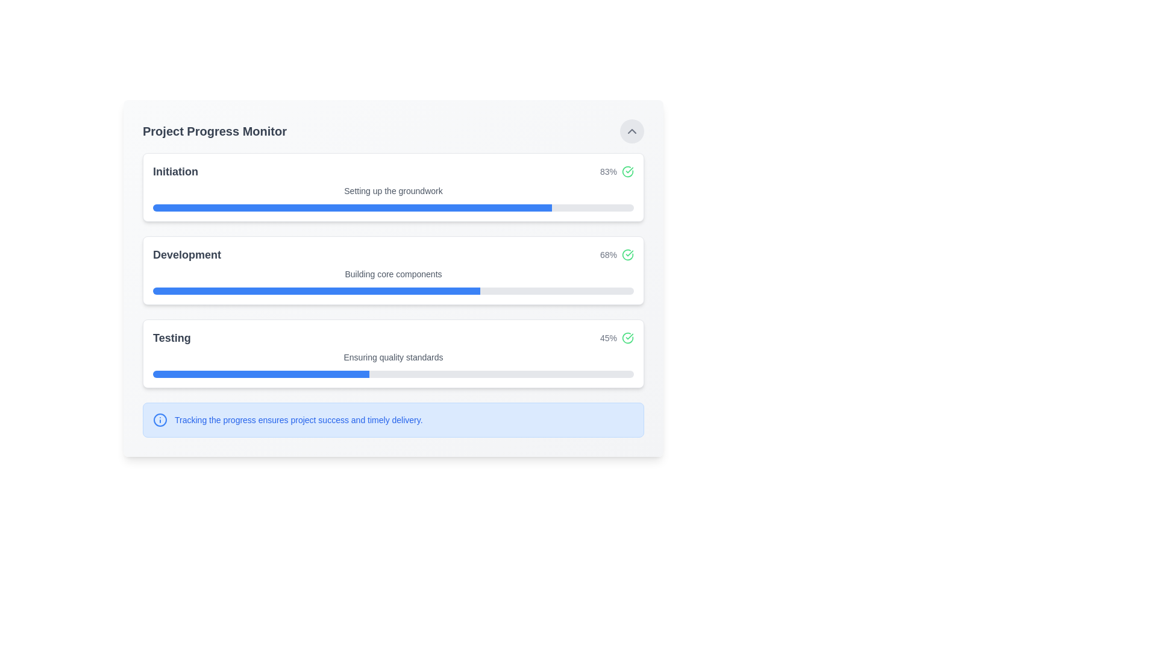  What do you see at coordinates (393, 207) in the screenshot?
I see `the completion percentage of the progress bar located in the 'Initiation' section of the 'Project Progress Monitor' interface, specifically the one beneath the text 'Setting up the groundwork.'` at bounding box center [393, 207].